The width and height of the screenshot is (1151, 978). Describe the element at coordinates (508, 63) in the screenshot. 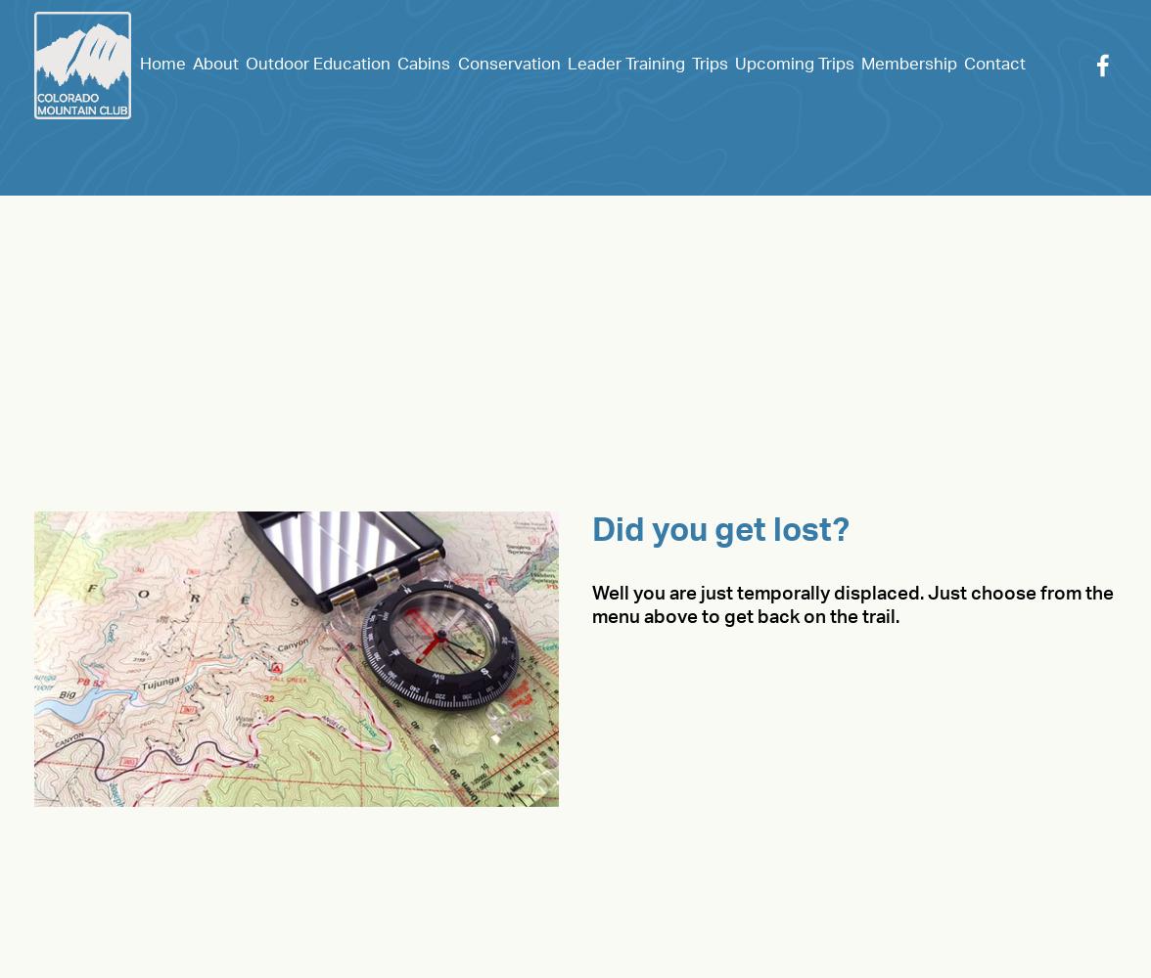

I see `'Conservation'` at that location.